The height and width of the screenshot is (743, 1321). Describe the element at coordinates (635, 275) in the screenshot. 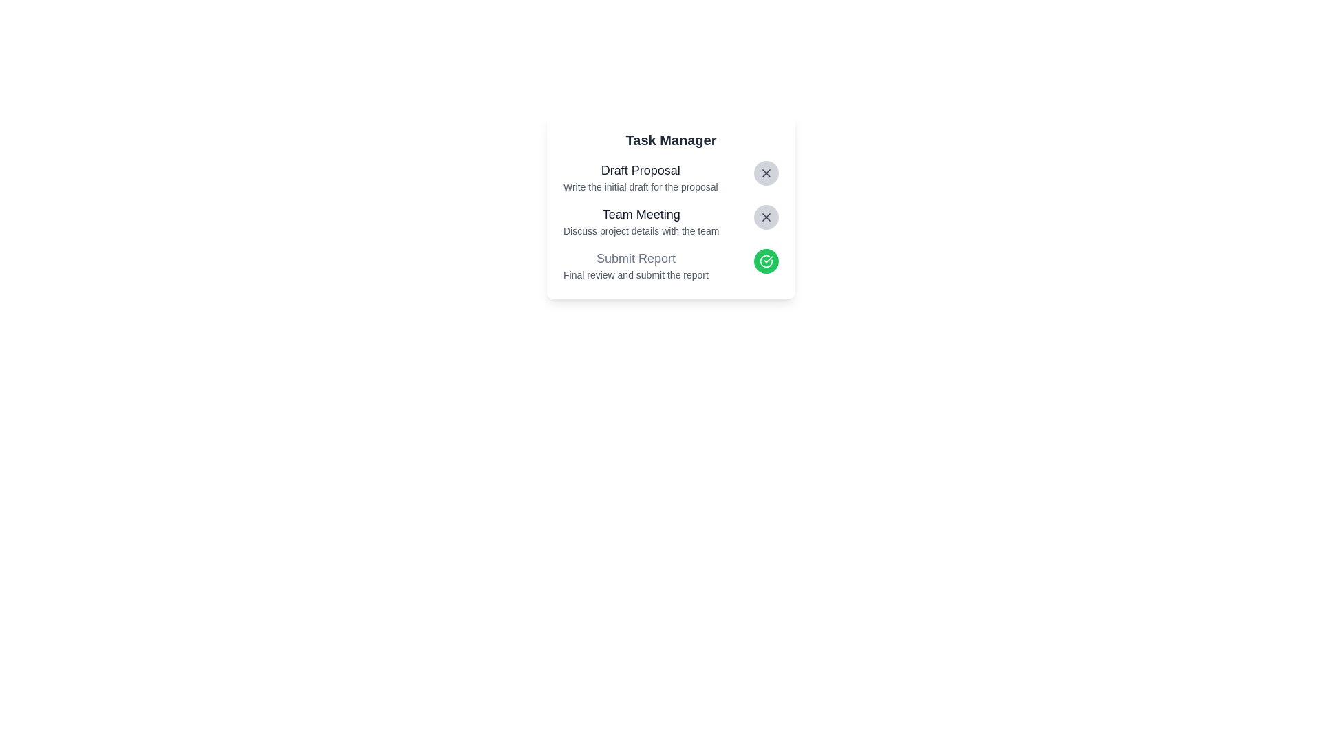

I see `the second line of text that provides guidance for the 'Submit Report' action, located directly below the crossed-out 'Submit Report' line` at that location.